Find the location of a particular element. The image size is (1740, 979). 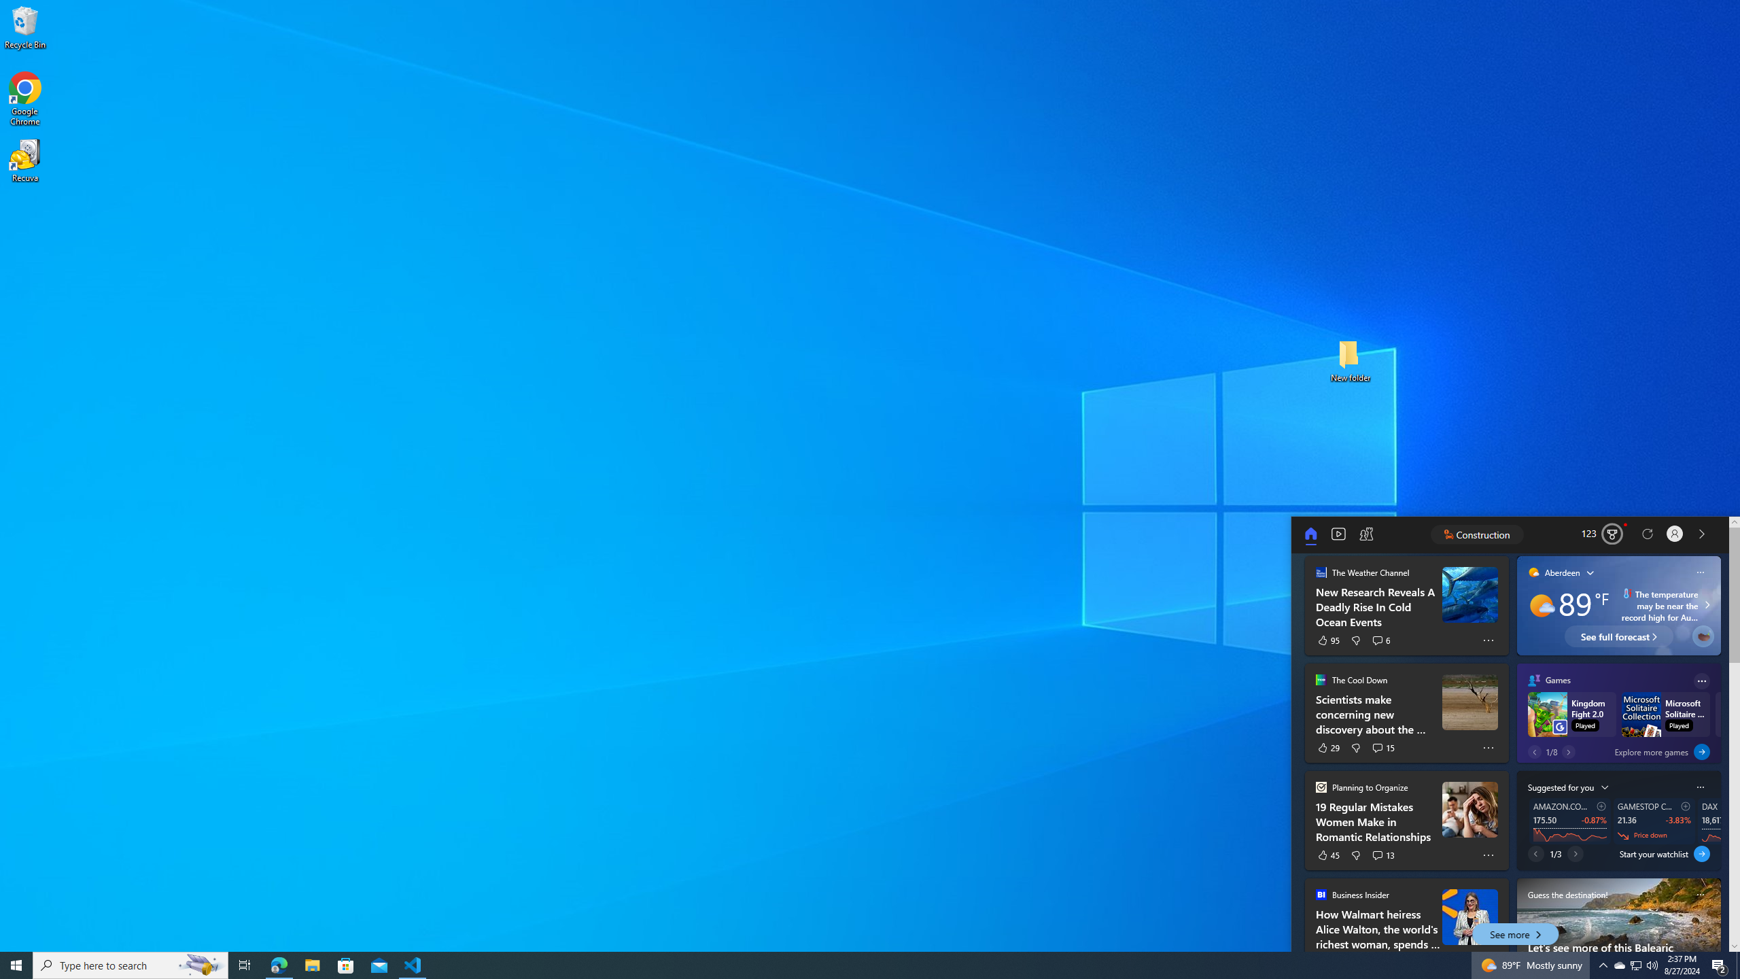

'Plant a real tree' is located at coordinates (1703, 636).